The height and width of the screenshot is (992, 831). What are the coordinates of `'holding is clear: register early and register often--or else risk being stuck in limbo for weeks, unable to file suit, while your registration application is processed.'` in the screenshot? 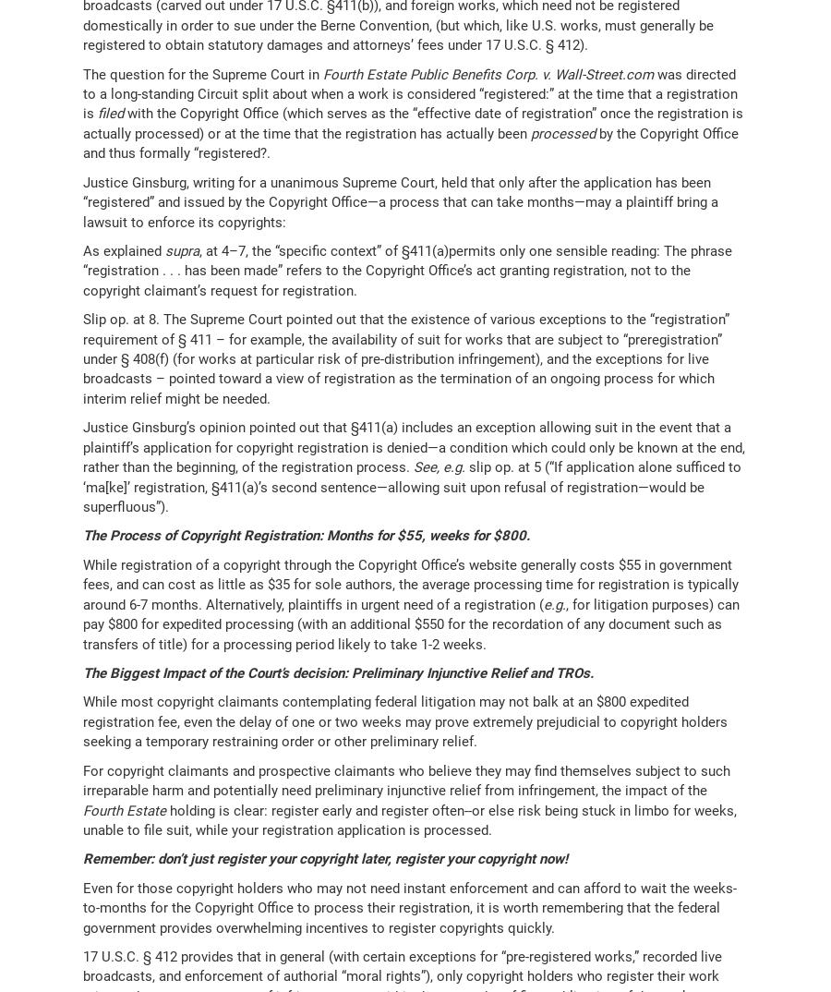 It's located at (409, 818).